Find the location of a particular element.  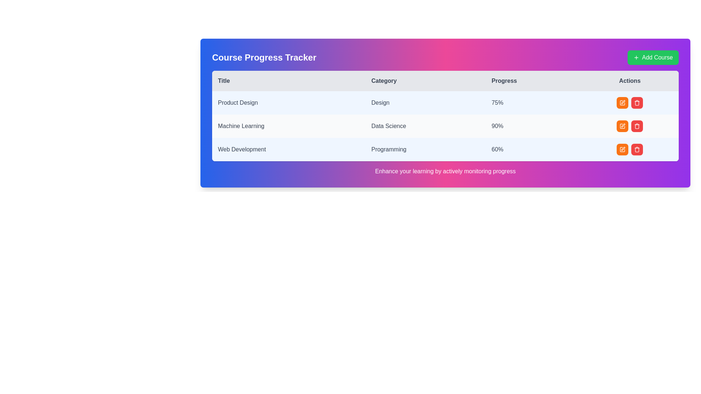

the trash can icon button in the 'Actions' column of the third row is located at coordinates (637, 103).